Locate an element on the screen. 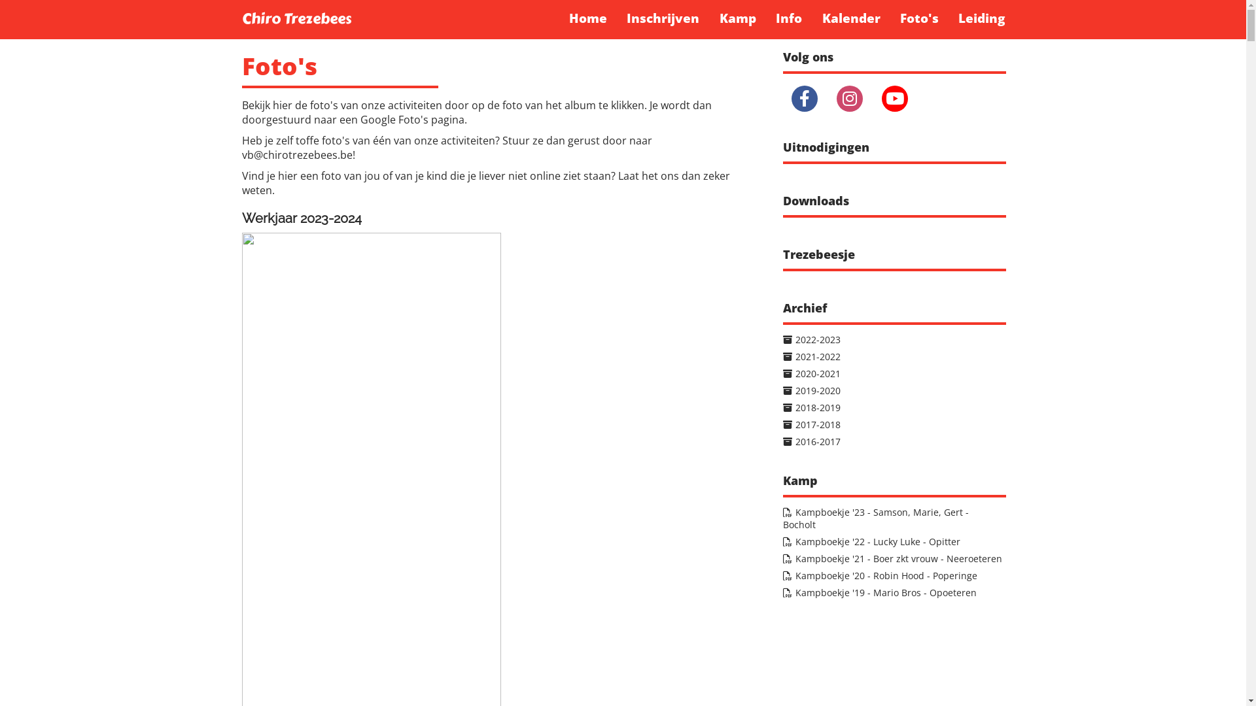 The height and width of the screenshot is (706, 1256). 'Home' is located at coordinates (587, 18).